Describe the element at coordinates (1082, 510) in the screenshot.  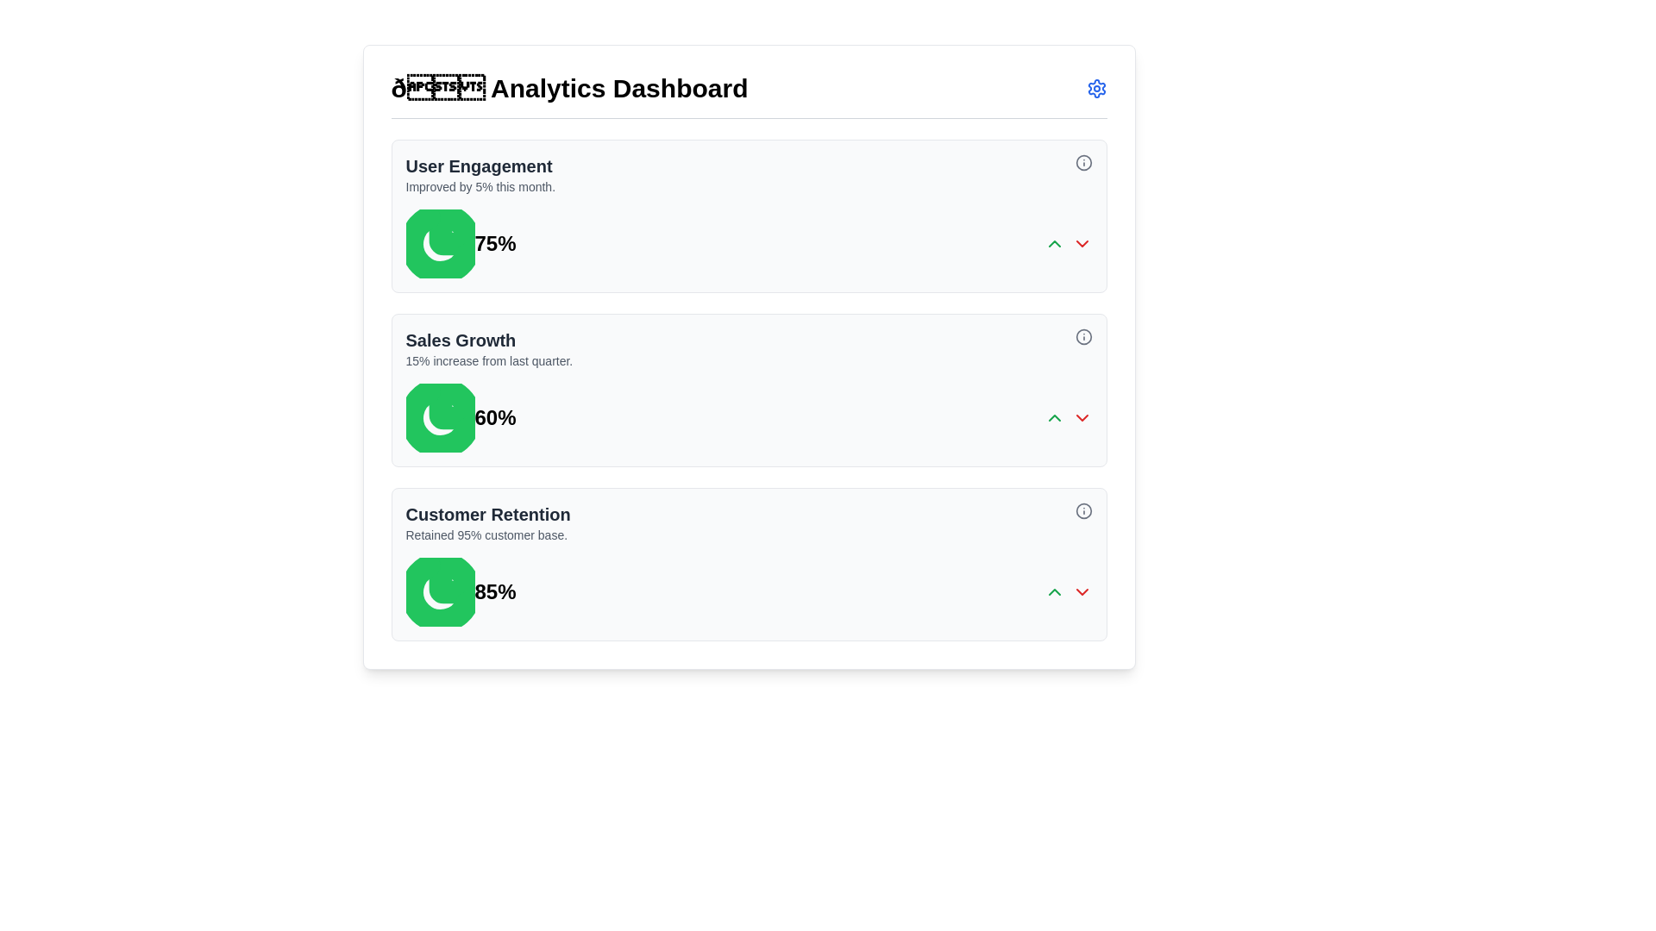
I see `the circular gray icon located at the top-right corner of the 'Customer Retention' information card` at that location.